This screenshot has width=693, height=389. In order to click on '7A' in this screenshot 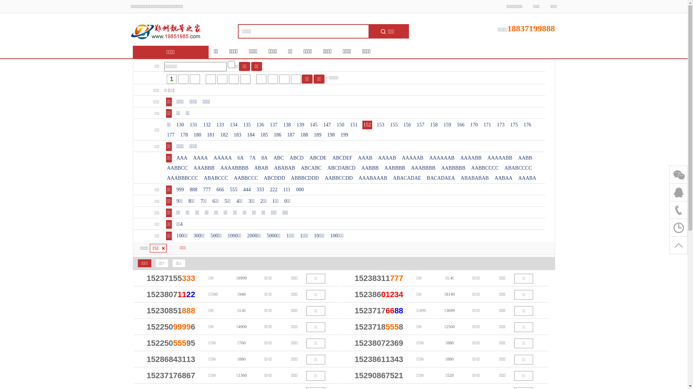, I will do `click(252, 158)`.